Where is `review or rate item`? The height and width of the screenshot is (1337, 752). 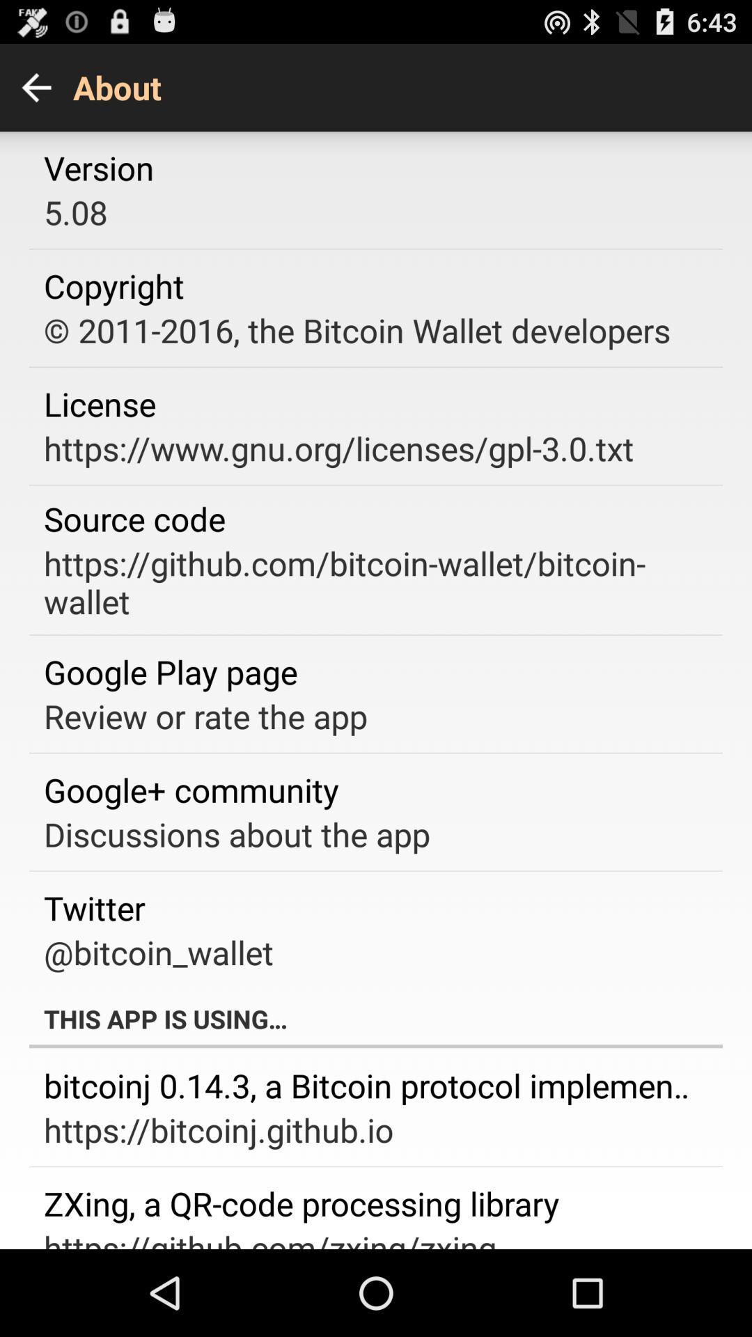
review or rate item is located at coordinates (205, 716).